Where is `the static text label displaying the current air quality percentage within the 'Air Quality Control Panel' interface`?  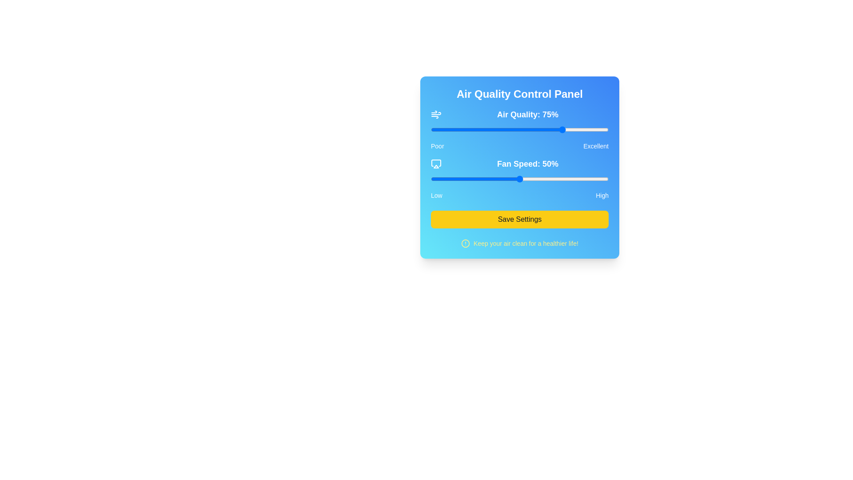 the static text label displaying the current air quality percentage within the 'Air Quality Control Panel' interface is located at coordinates (528, 114).